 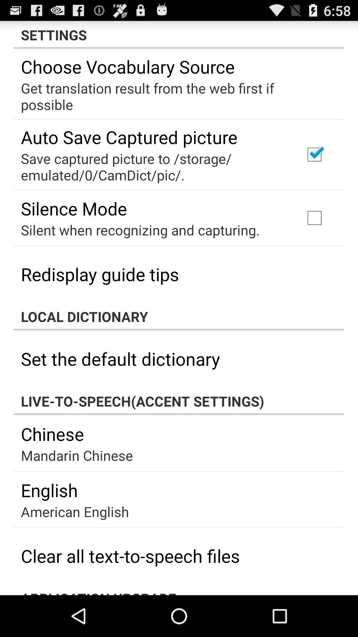 I want to click on the icon above the clear all text item, so click(x=75, y=511).